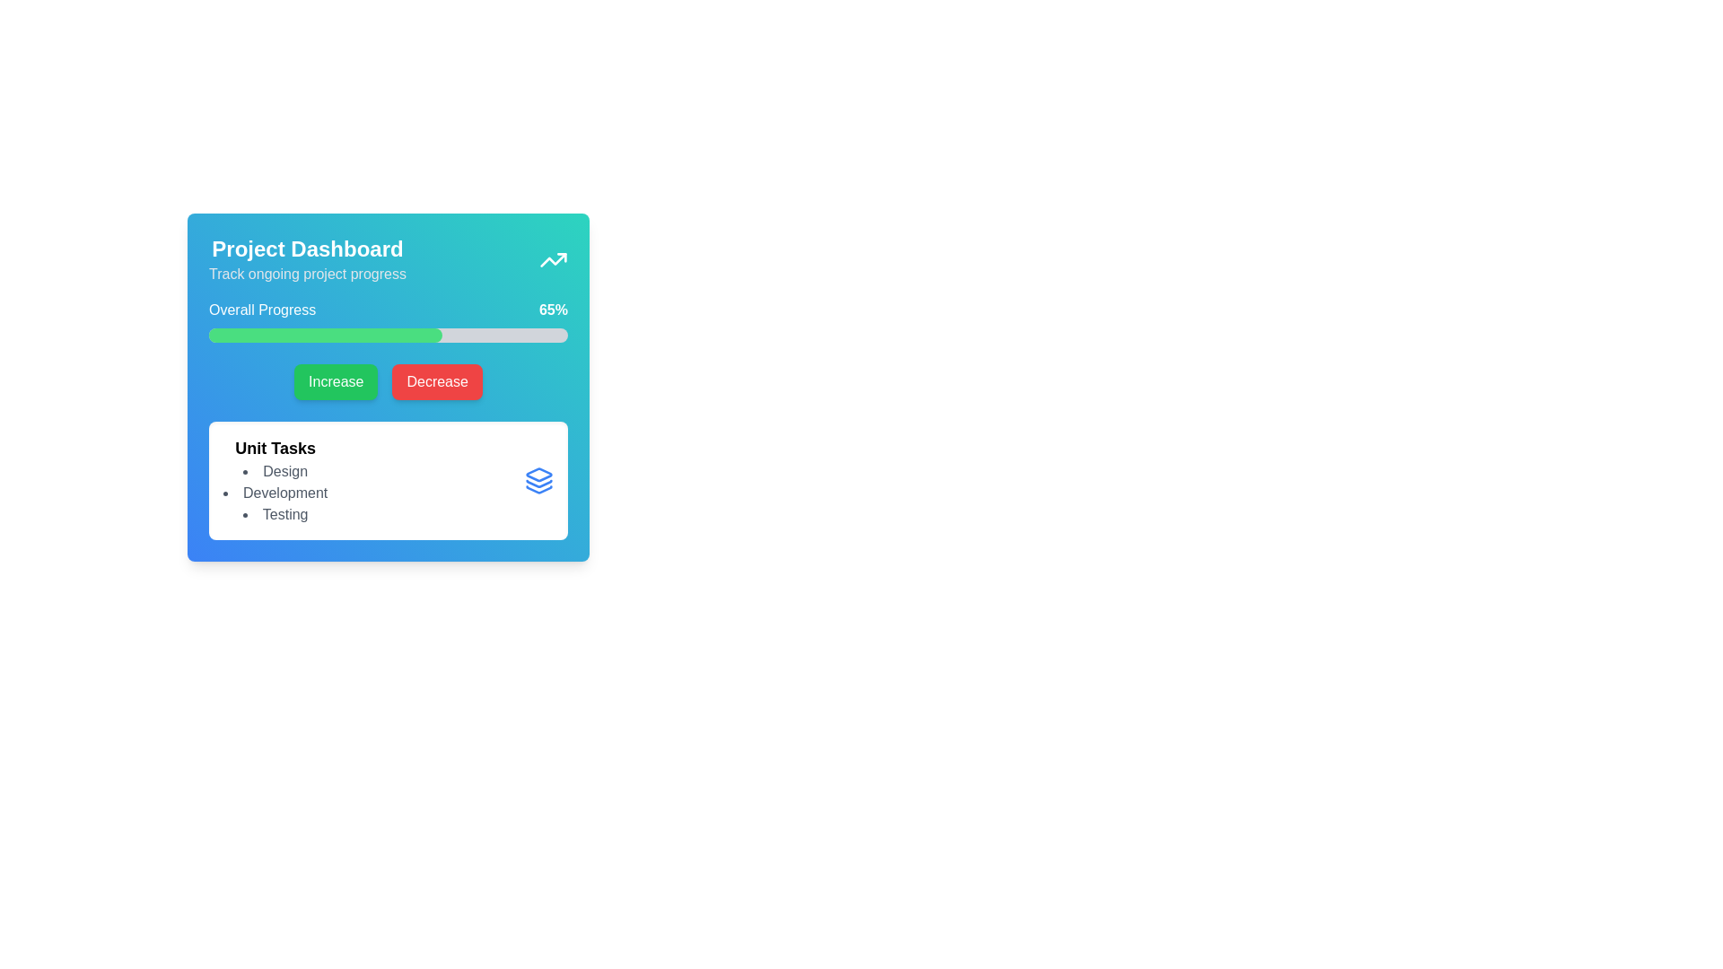 The width and height of the screenshot is (1723, 969). What do you see at coordinates (387, 259) in the screenshot?
I see `the Header panel element titled 'Project Dashboard' with a subtitle 'Track ongoing project progress', which features an upward trending icon and a gradient background from blue to teal` at bounding box center [387, 259].